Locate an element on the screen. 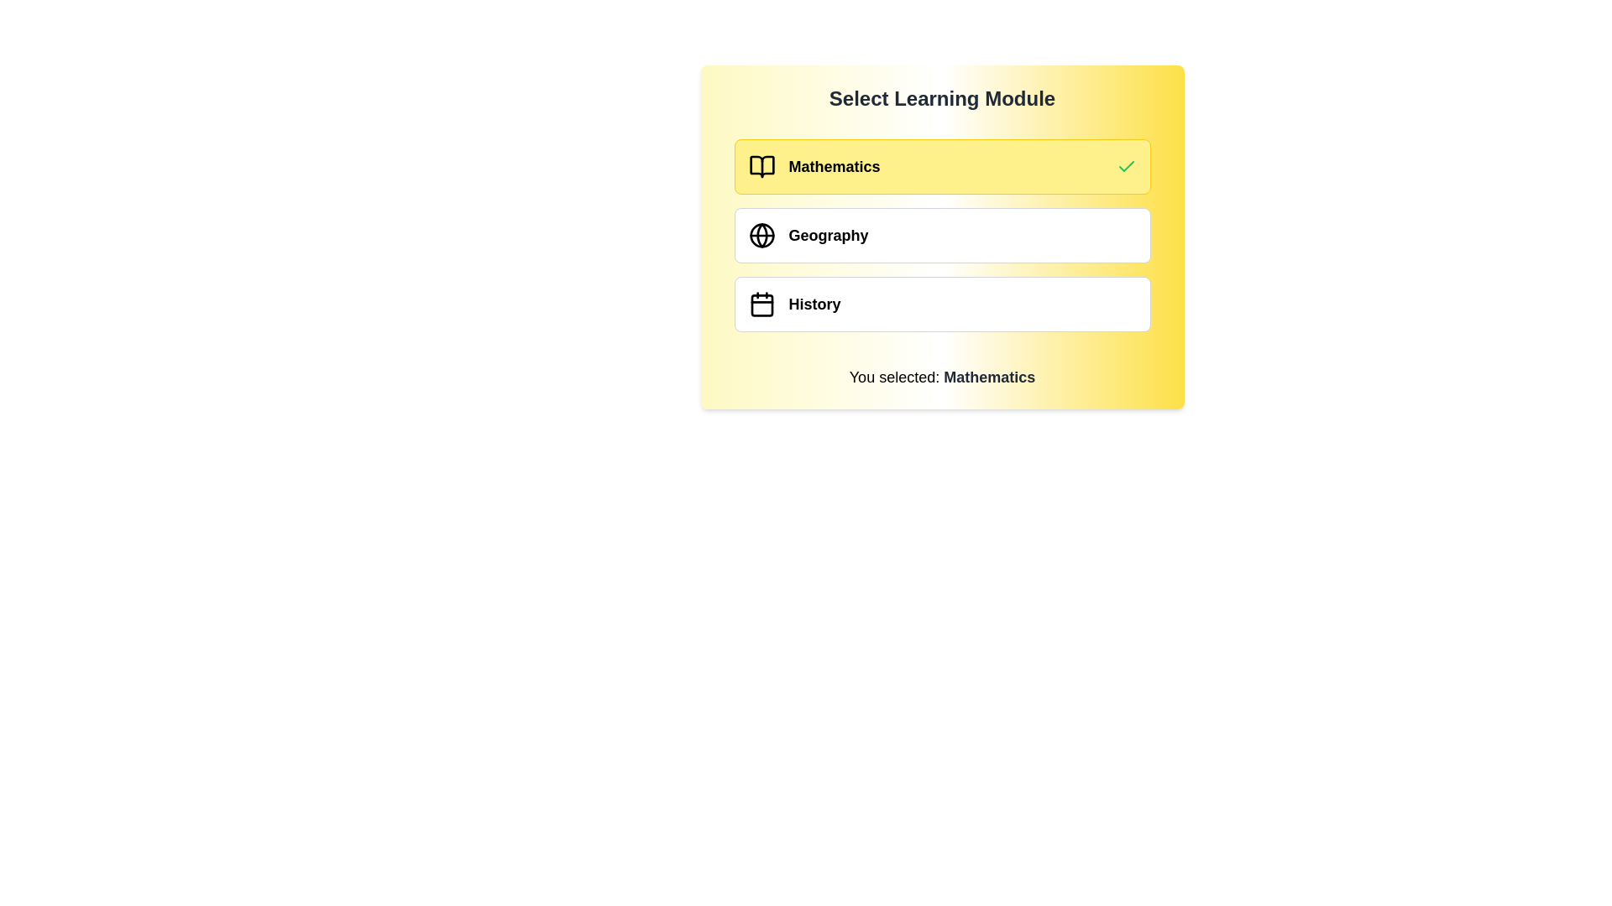  the non-interactive calendar icon representing the 'History' learning module, located at the far left of the 'History' list item in the user interface is located at coordinates (761, 304).